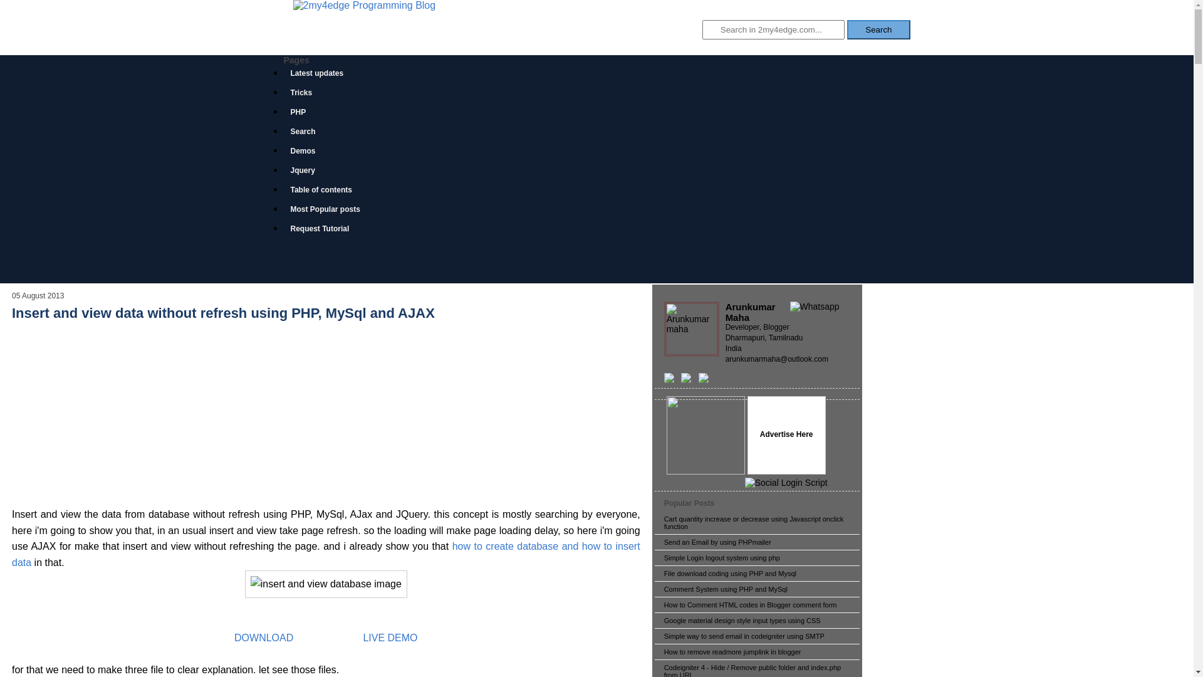 The height and width of the screenshot is (677, 1203). What do you see at coordinates (722, 557) in the screenshot?
I see `'Simple Login logout system using php'` at bounding box center [722, 557].